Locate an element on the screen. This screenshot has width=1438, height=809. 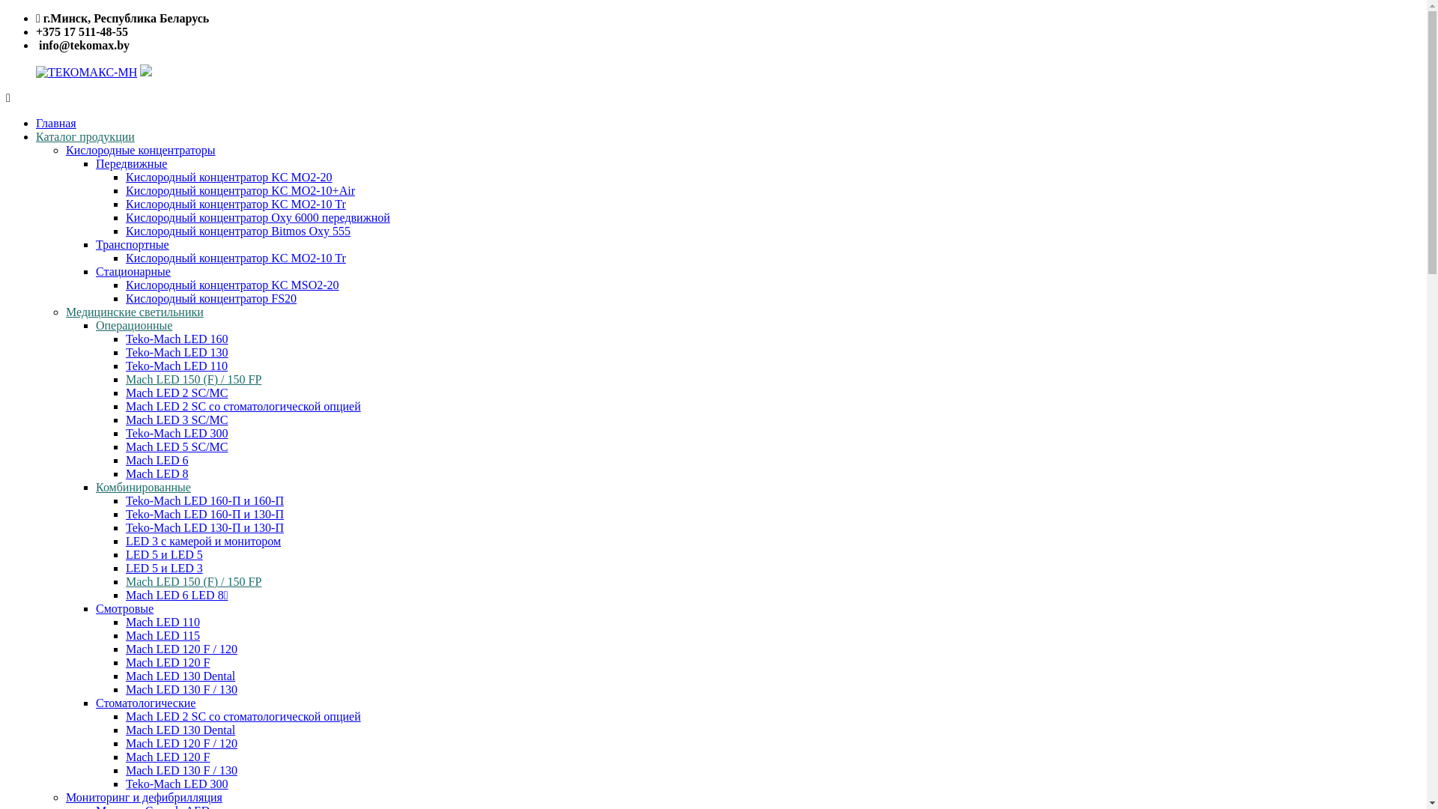
'Mach LED 120 F' is located at coordinates (168, 757).